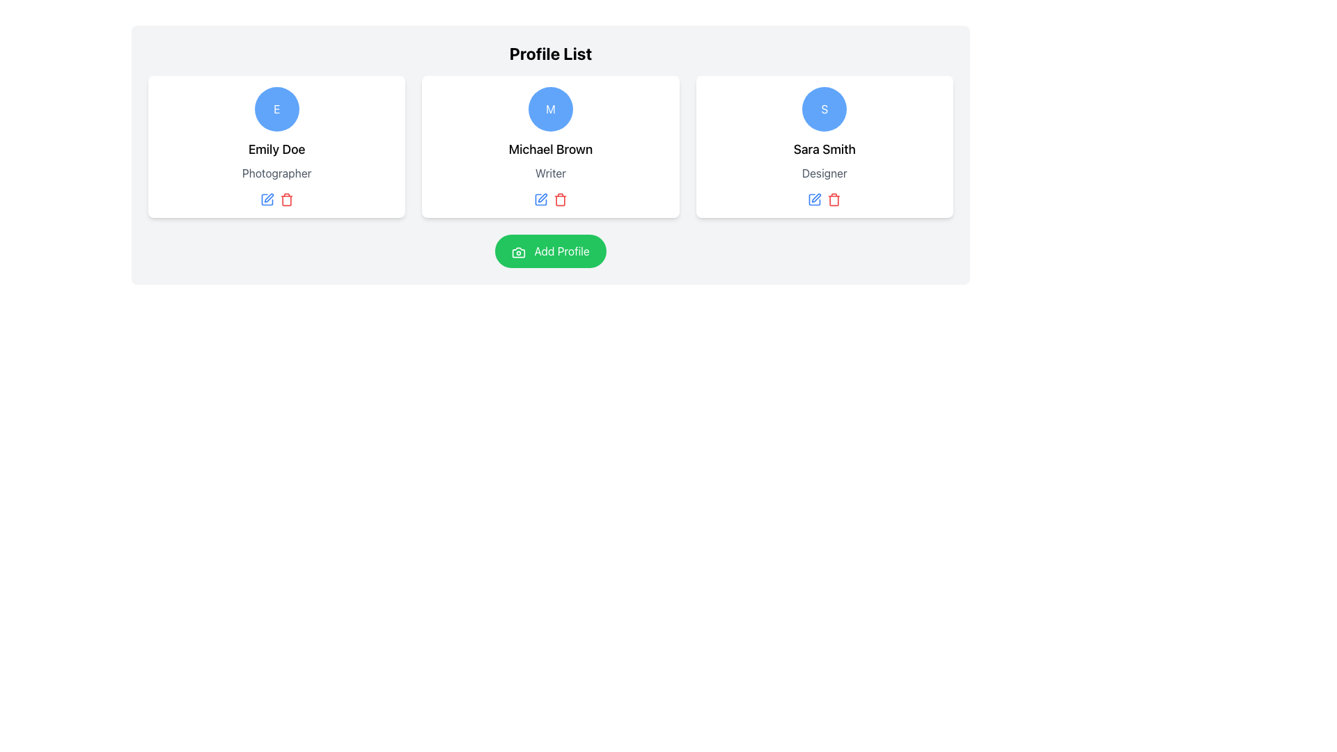  Describe the element at coordinates (550, 173) in the screenshot. I see `the text label displaying 'Writer' in gray color, which is positioned below the name 'Michael Brown' within the white rectangular card` at that location.